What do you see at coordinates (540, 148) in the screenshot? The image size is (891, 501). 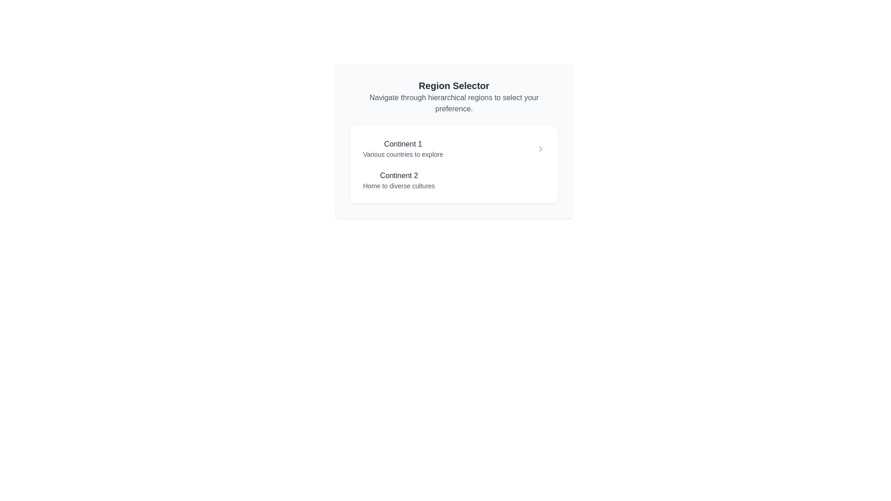 I see `the SVG Chevron Icon, which is a thin gray arrow pointing to the right, located to the right of the text 'Continent 1' within a rectangular card layout` at bounding box center [540, 148].